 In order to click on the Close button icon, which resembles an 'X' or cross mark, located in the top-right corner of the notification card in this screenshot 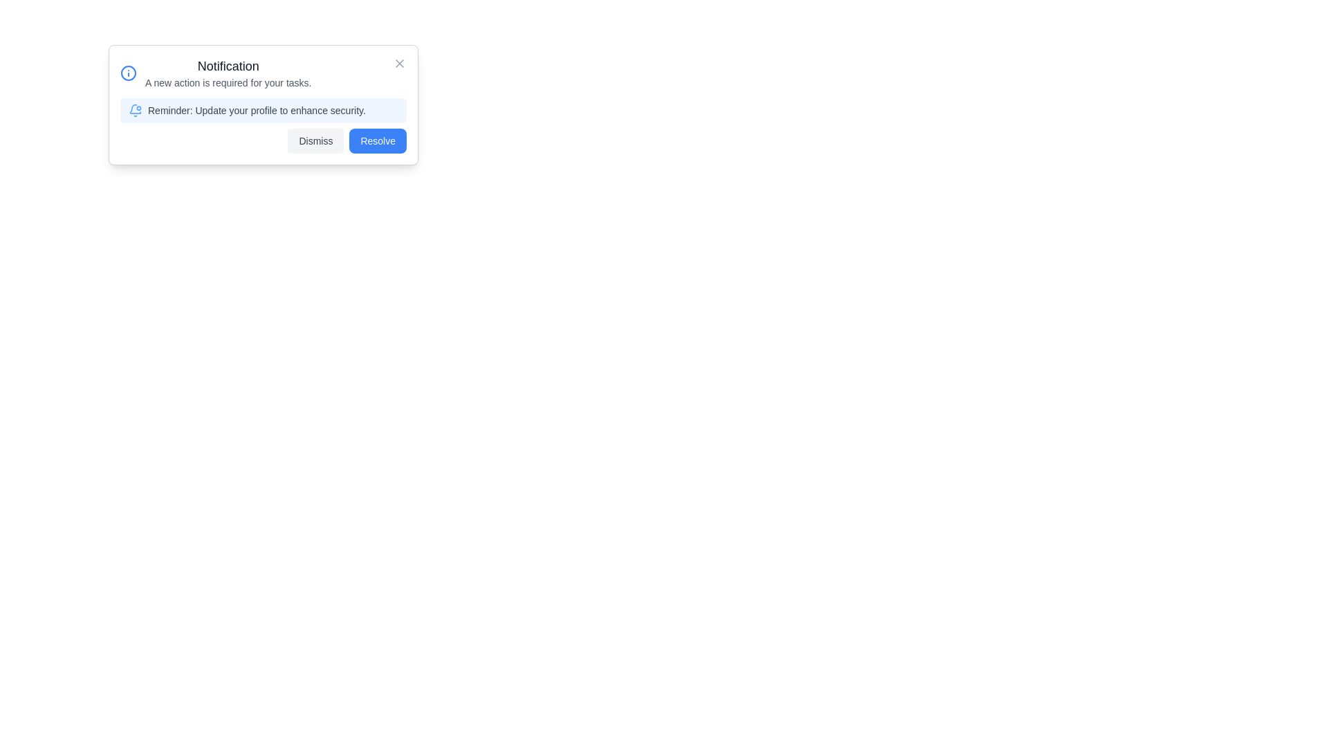, I will do `click(398, 64)`.